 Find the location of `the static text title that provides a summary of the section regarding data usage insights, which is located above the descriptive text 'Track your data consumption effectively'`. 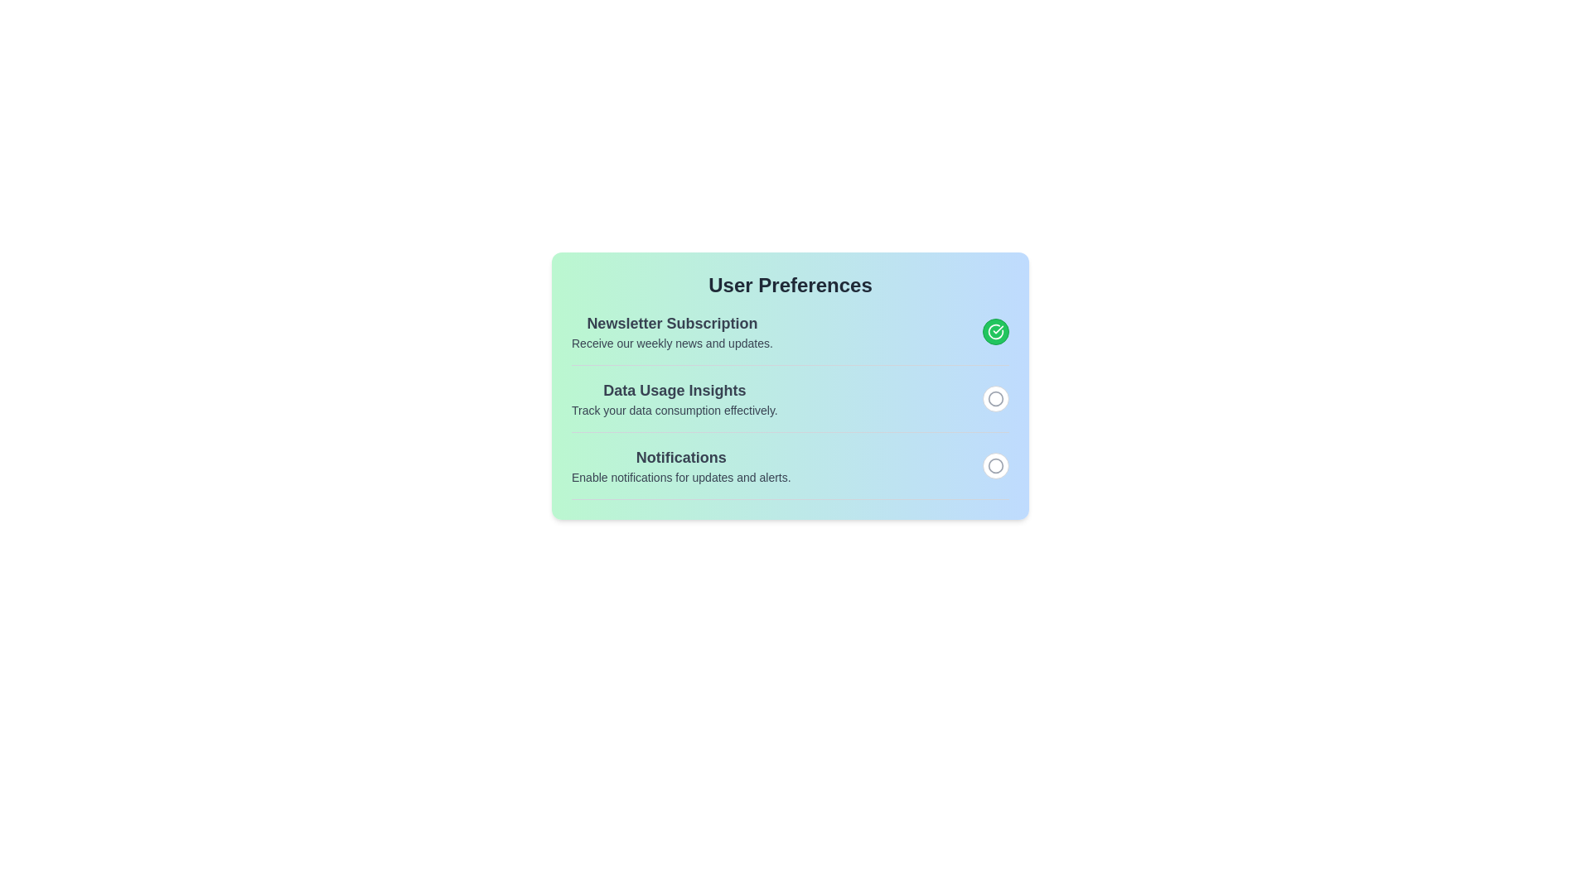

the static text title that provides a summary of the section regarding data usage insights, which is located above the descriptive text 'Track your data consumption effectively' is located at coordinates (675, 390).